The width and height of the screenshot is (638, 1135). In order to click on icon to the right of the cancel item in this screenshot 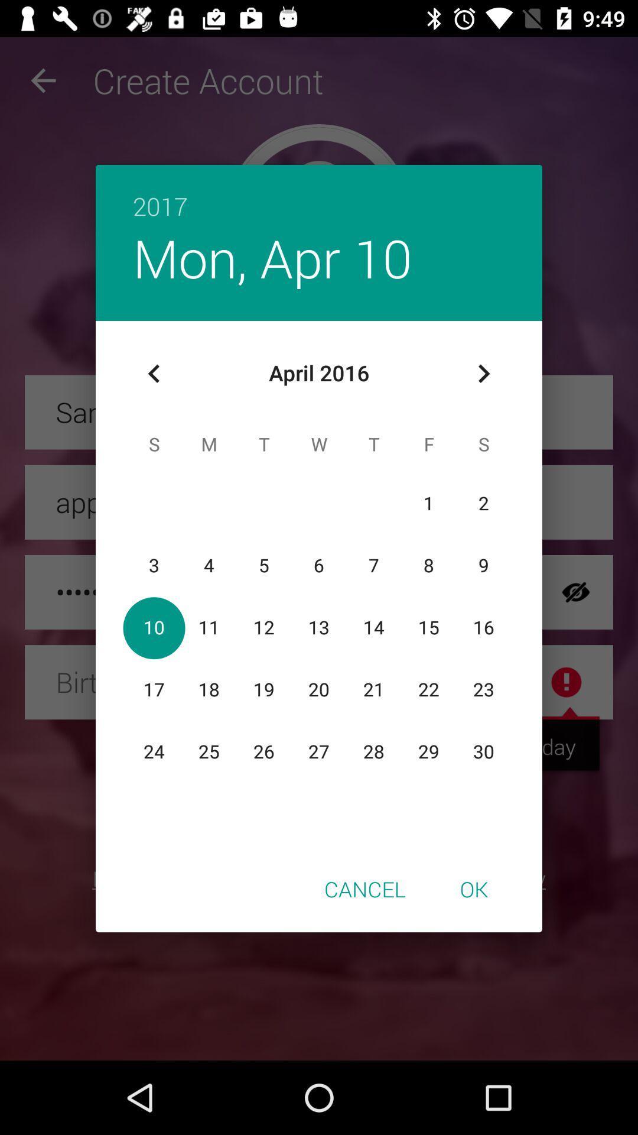, I will do `click(473, 888)`.